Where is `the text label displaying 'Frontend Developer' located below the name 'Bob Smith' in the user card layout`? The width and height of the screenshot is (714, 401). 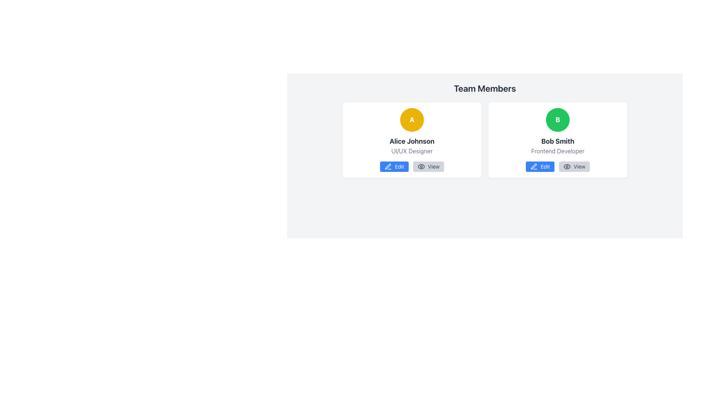 the text label displaying 'Frontend Developer' located below the name 'Bob Smith' in the user card layout is located at coordinates (557, 151).